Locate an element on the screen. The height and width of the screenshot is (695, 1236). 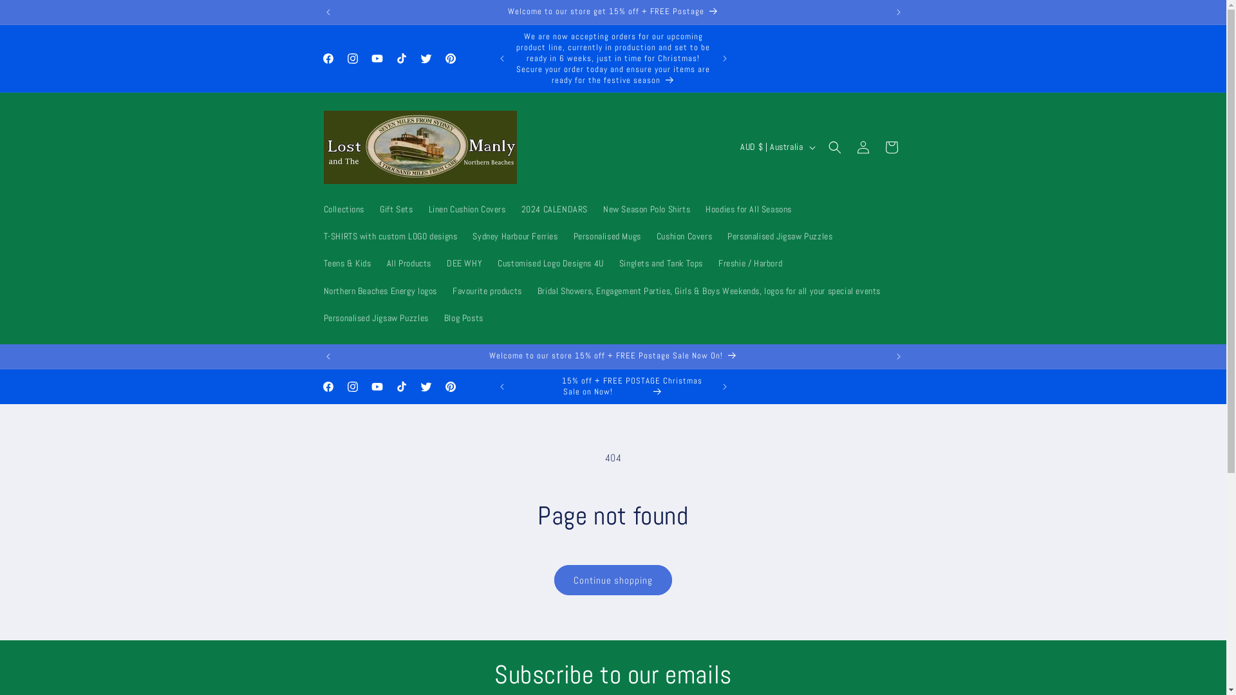
'T-SHIRTS with custom LOGO designs' is located at coordinates (315, 236).